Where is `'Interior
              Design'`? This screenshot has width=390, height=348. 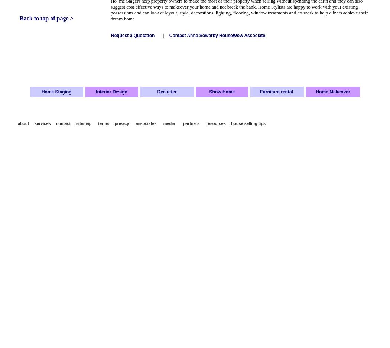 'Interior
              Design' is located at coordinates (111, 91).